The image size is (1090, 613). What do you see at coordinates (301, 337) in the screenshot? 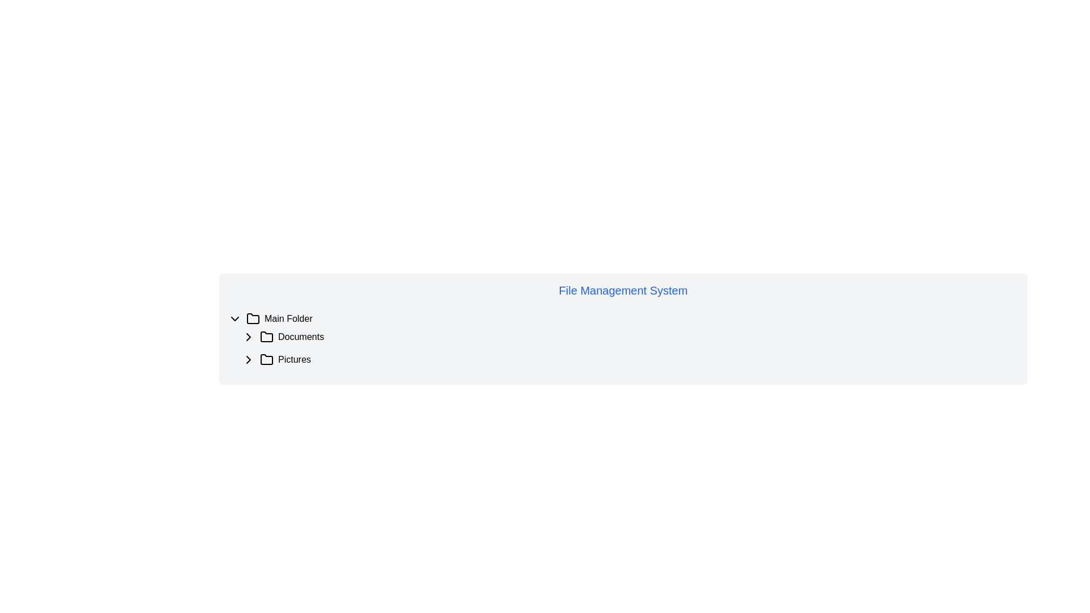
I see `text label identifying the 'Documents' folder located in the left-side navigation panel under the 'Main Folder' section` at bounding box center [301, 337].